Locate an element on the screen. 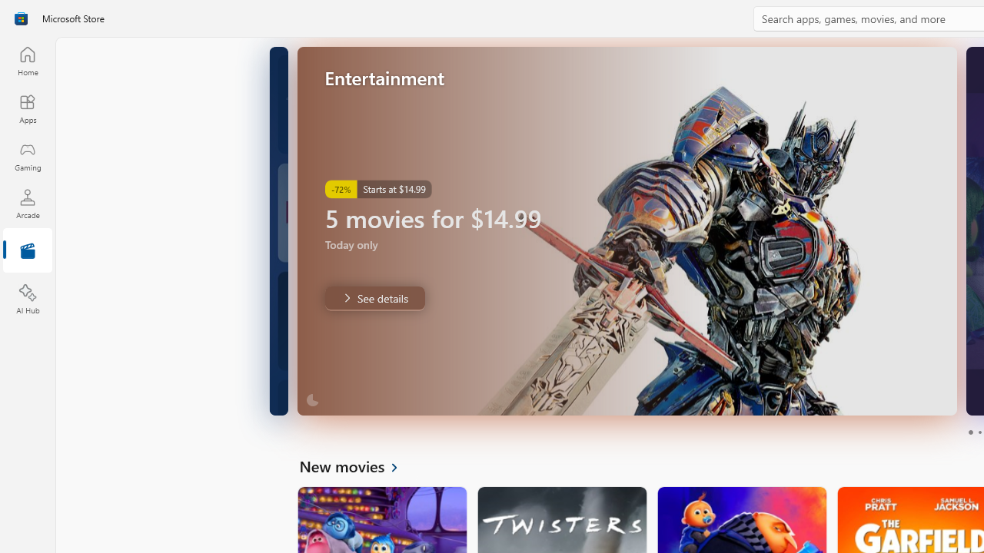 Image resolution: width=984 pixels, height=553 pixels. 'Page 1' is located at coordinates (969, 432).